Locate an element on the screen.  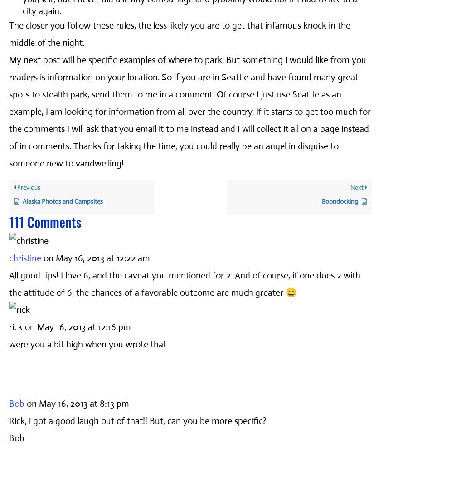
'rick' is located at coordinates (15, 326).